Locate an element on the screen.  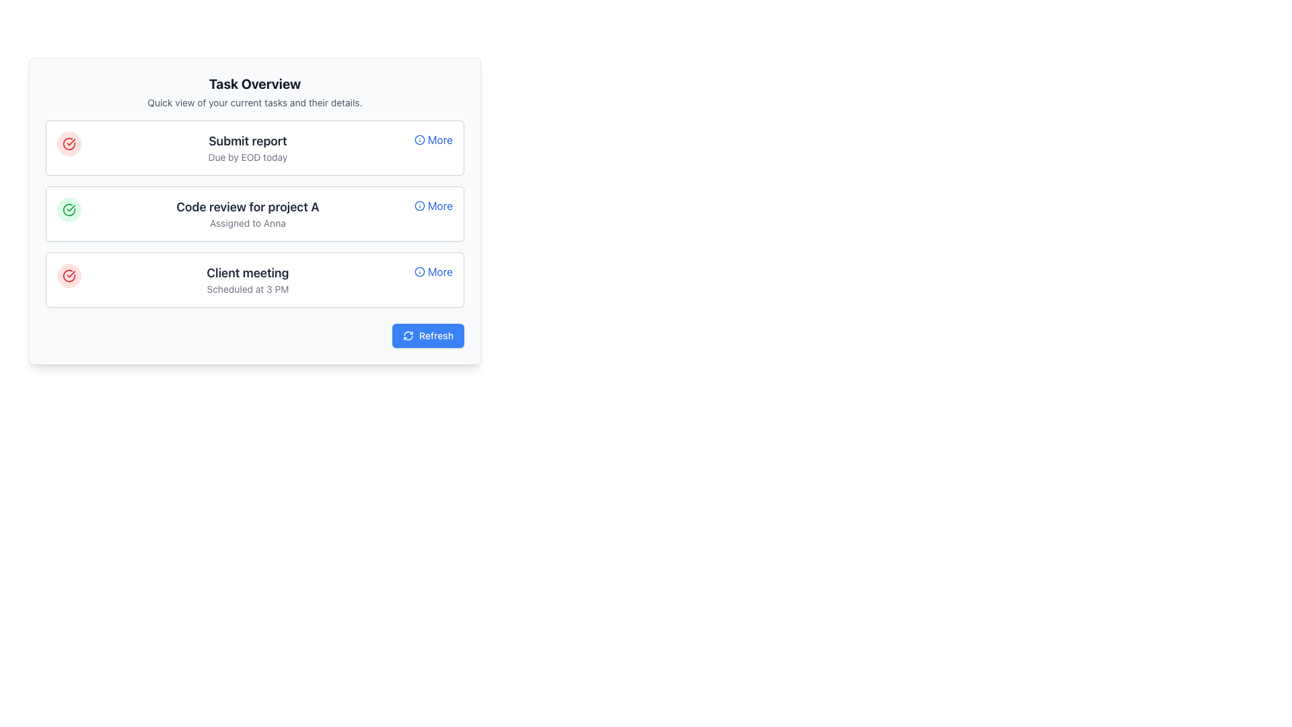
the static text element that displays the task title 'Code review for project A' located in the second card-like section below the heading 'Task Overview' is located at coordinates (248, 207).